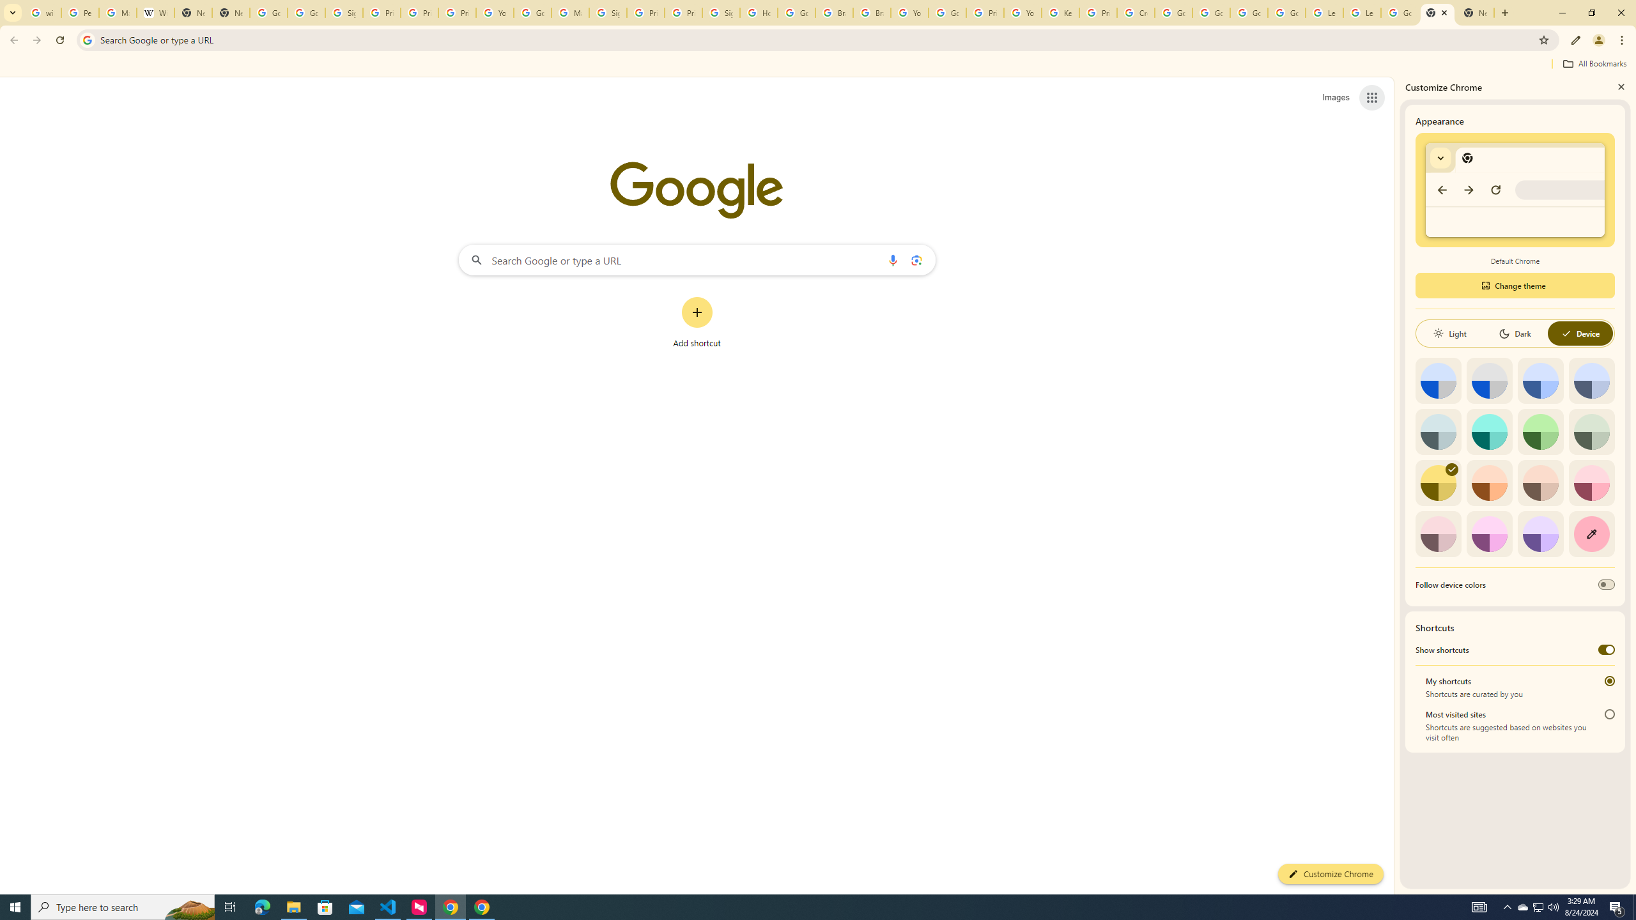 The width and height of the screenshot is (1636, 920). I want to click on 'Rose', so click(1591, 482).